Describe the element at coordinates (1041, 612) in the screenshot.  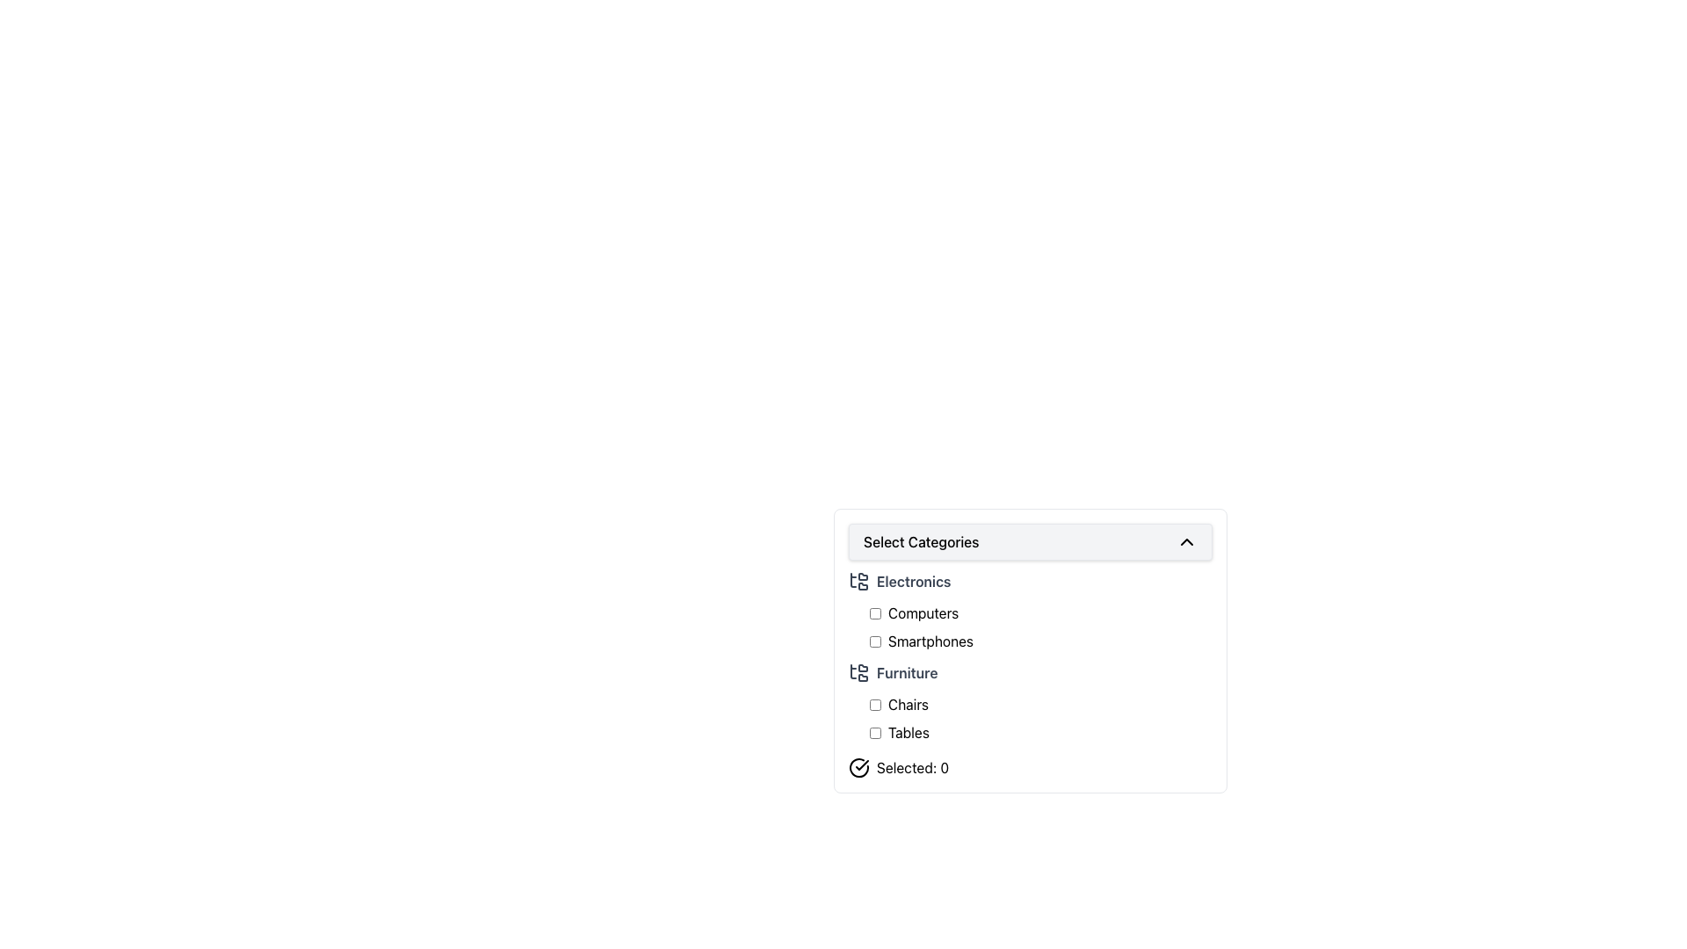
I see `the unselected checkbox labeled 'Computers' for keyboard interaction within the Electronics category` at that location.